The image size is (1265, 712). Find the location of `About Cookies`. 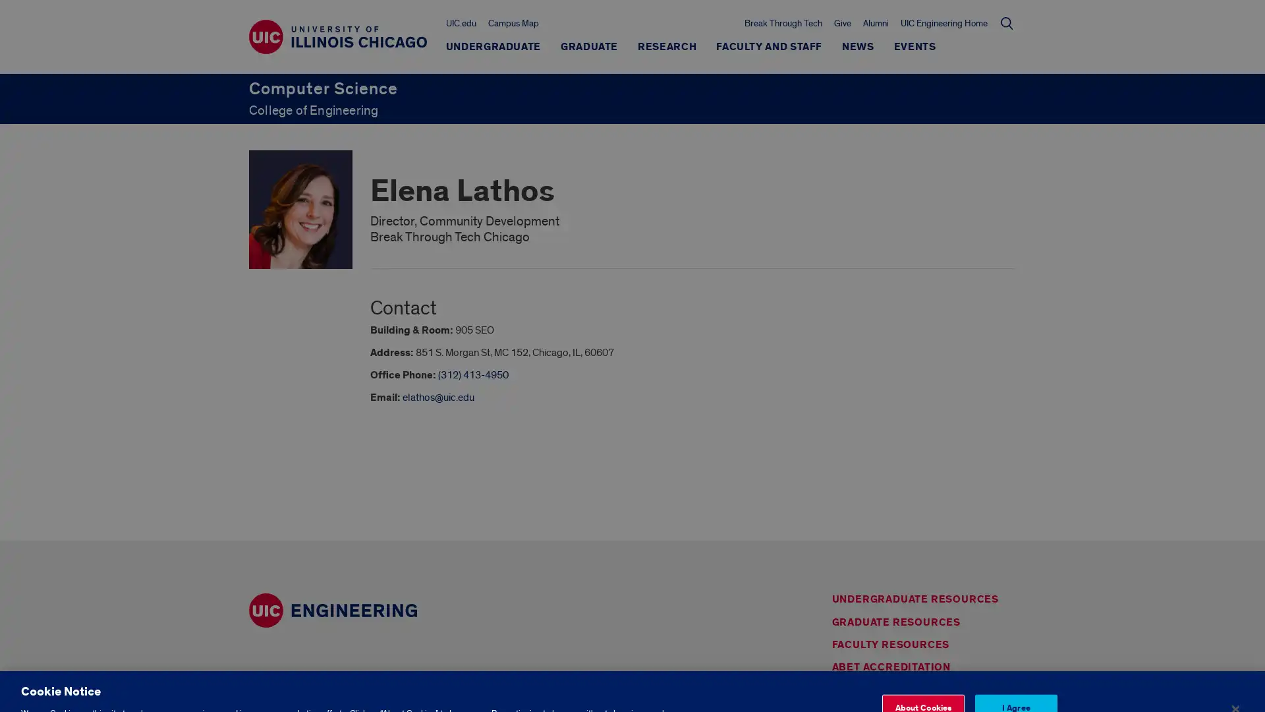

About Cookies is located at coordinates (922, 672).